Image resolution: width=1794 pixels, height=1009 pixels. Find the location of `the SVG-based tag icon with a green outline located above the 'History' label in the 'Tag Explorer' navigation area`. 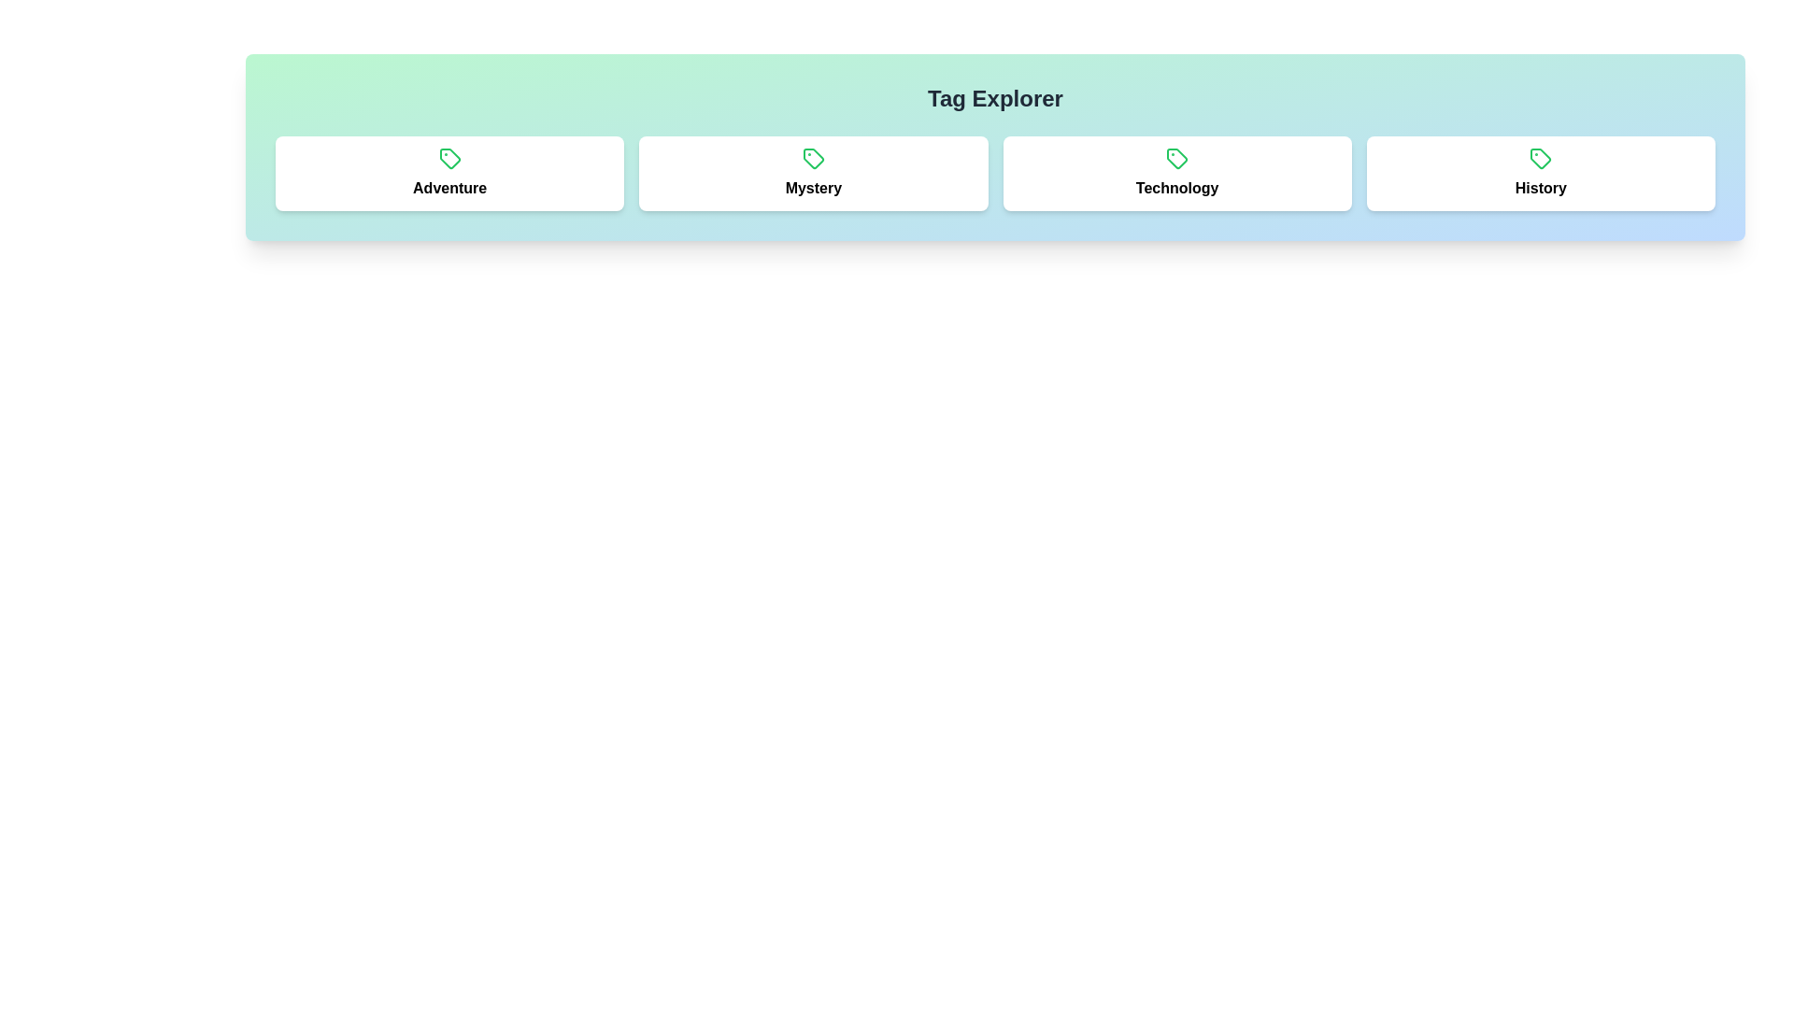

the SVG-based tag icon with a green outline located above the 'History' label in the 'Tag Explorer' navigation area is located at coordinates (1541, 157).